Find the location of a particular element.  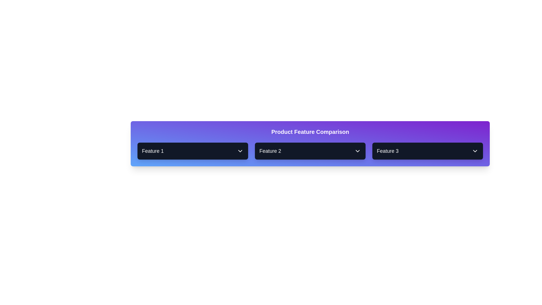

the middle block of the interactive dropdown menu labeled 'Feature 2' is located at coordinates (310, 151).